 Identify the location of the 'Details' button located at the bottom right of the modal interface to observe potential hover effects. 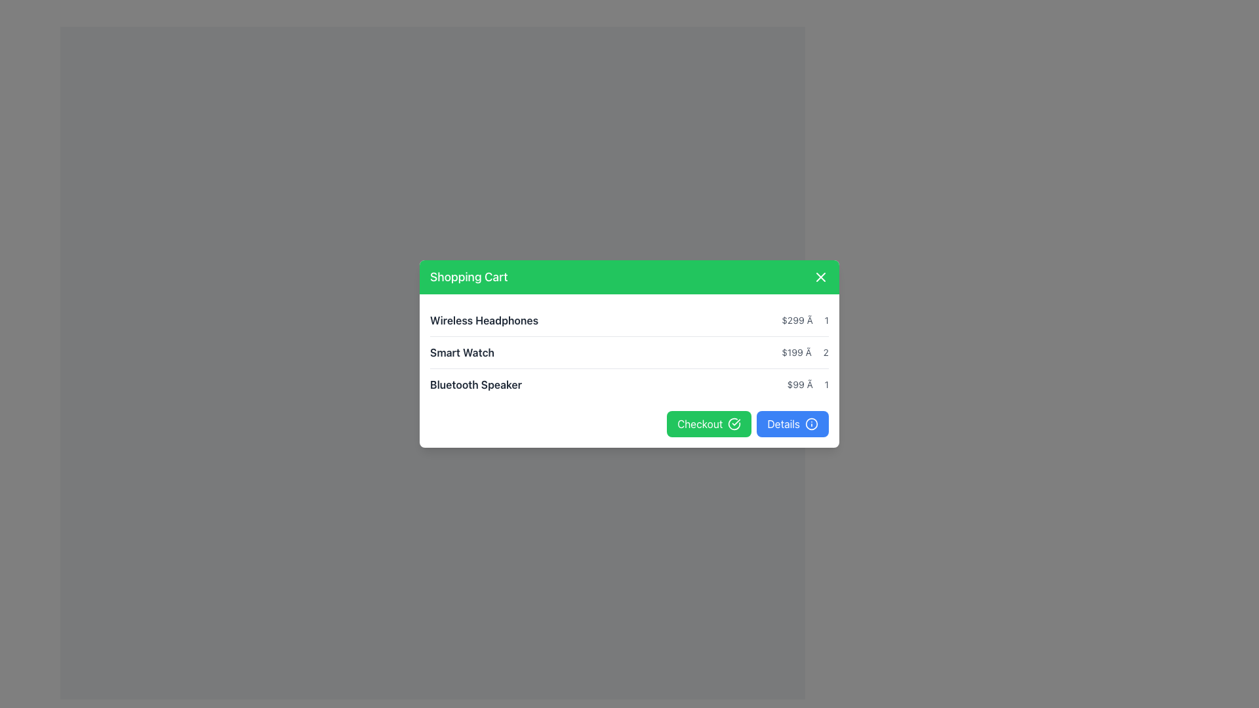
(792, 424).